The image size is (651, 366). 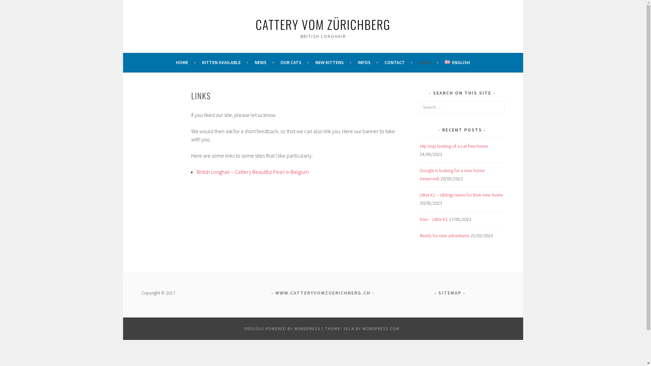 I want to click on 'ENGLISH', so click(x=445, y=62).